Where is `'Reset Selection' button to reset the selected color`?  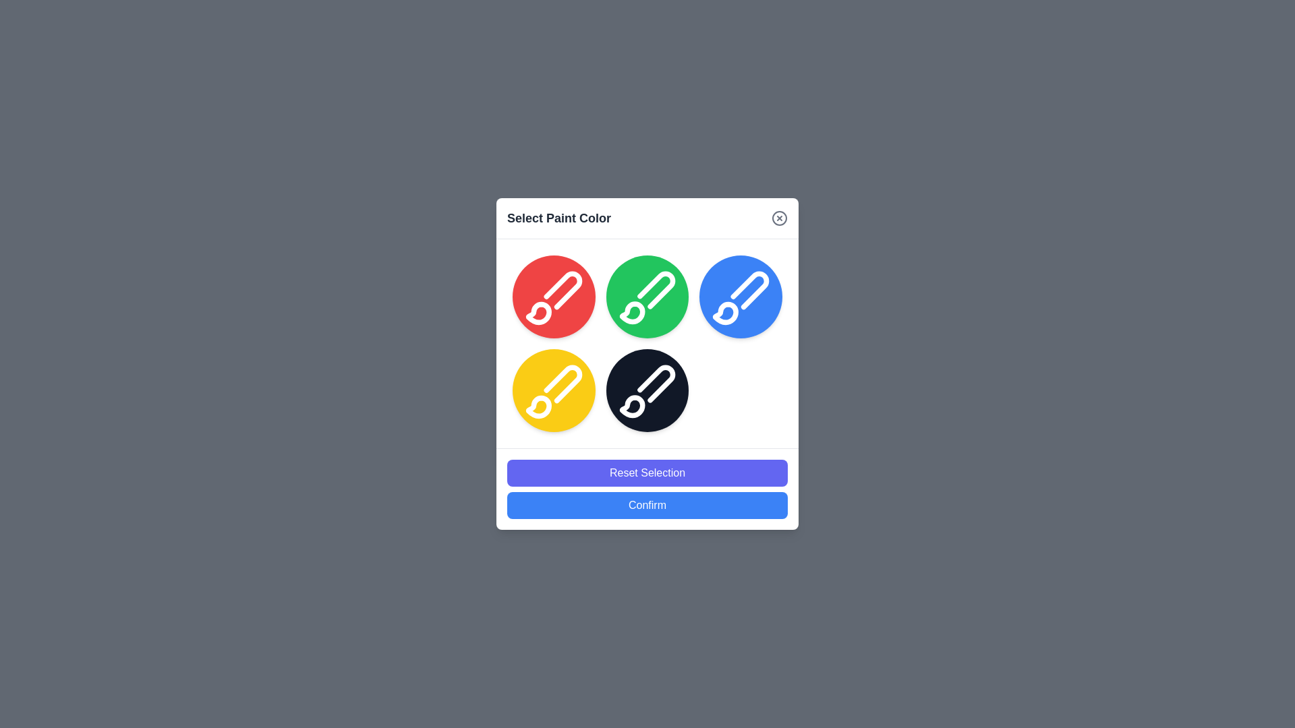
'Reset Selection' button to reset the selected color is located at coordinates (647, 472).